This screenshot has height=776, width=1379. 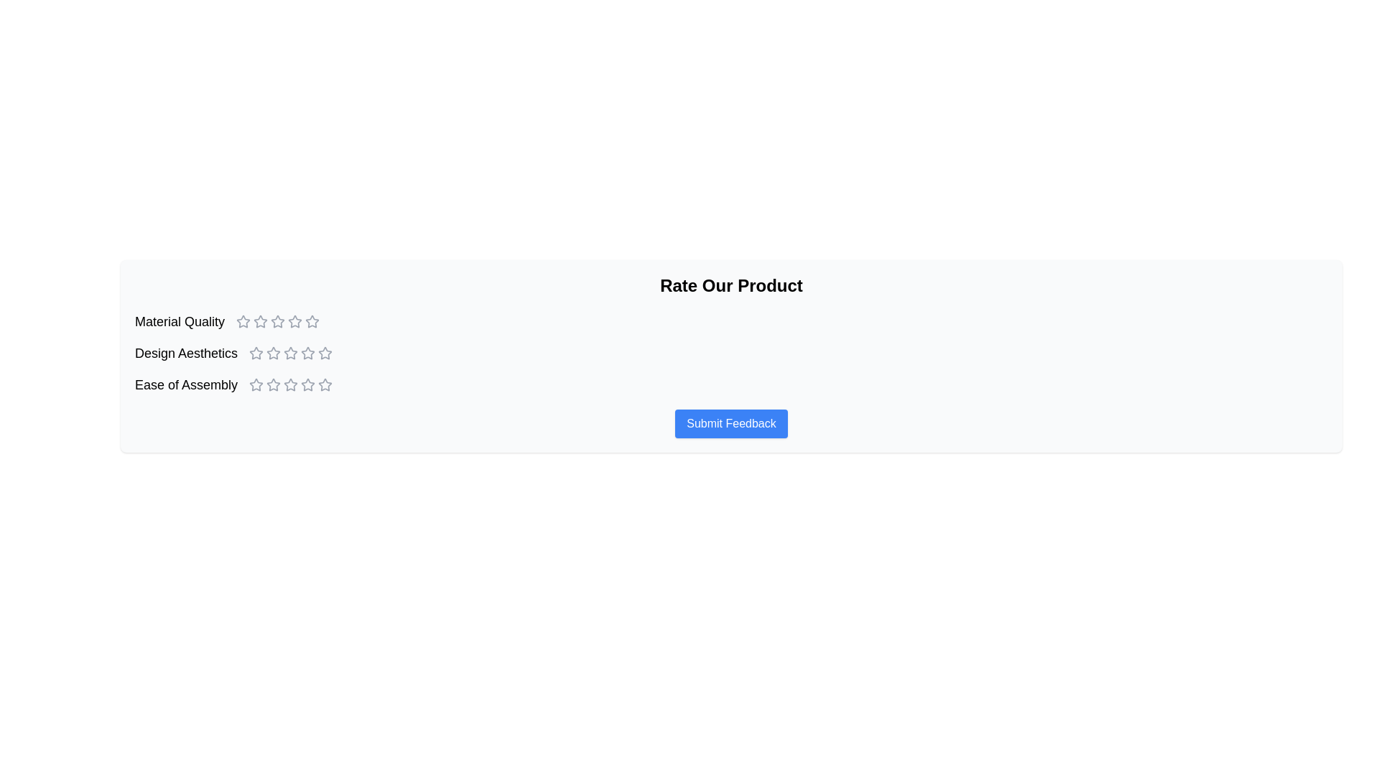 I want to click on the second star in the star rating component under the 'Design Aesthetics' section to set a rating, so click(x=290, y=353).